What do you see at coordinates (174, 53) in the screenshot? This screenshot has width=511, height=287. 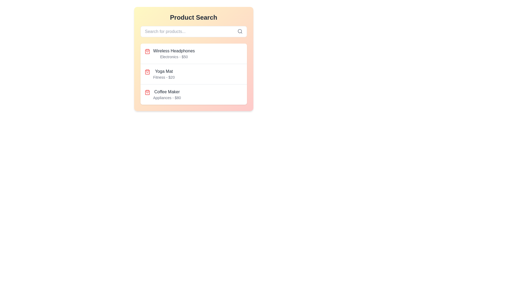 I see `on the text block representing 'Wireless Headphones' in the product search result` at bounding box center [174, 53].